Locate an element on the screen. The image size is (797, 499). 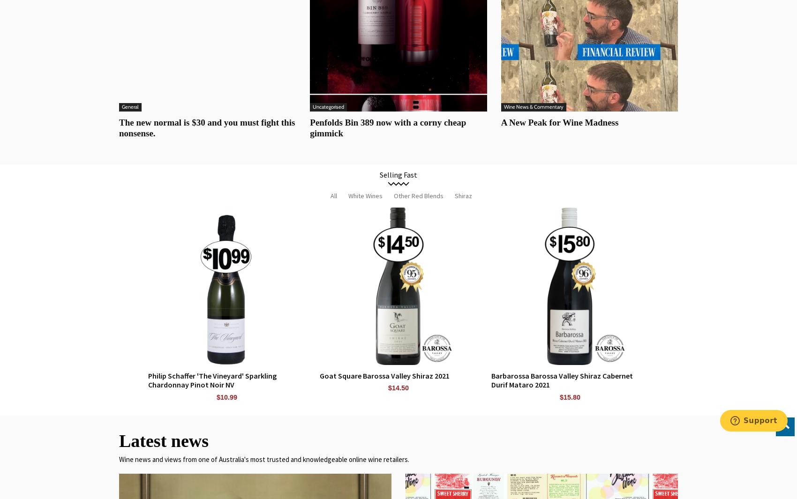
'Shiraz' is located at coordinates (454, 194).